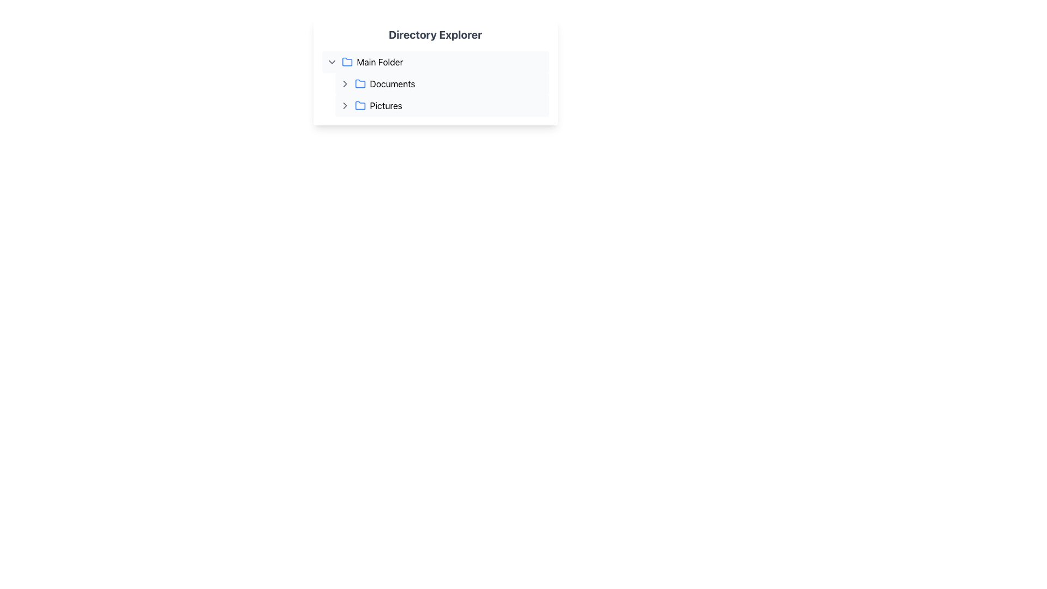  Describe the element at coordinates (331, 62) in the screenshot. I see `the Chevron-down icon` at that location.